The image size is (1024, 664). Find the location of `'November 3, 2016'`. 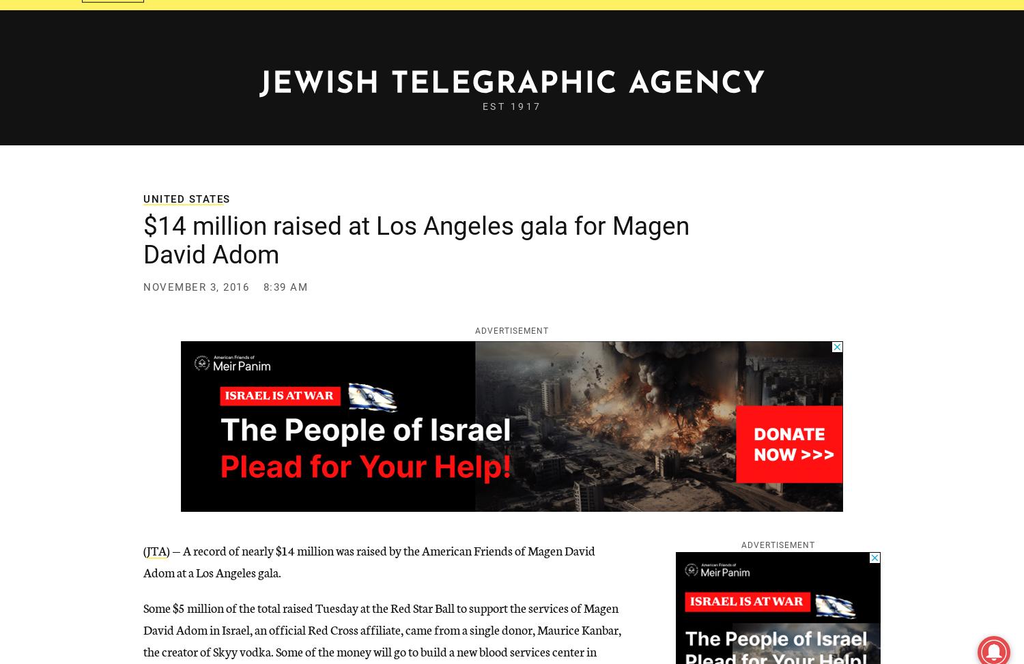

'November 3, 2016' is located at coordinates (143, 287).